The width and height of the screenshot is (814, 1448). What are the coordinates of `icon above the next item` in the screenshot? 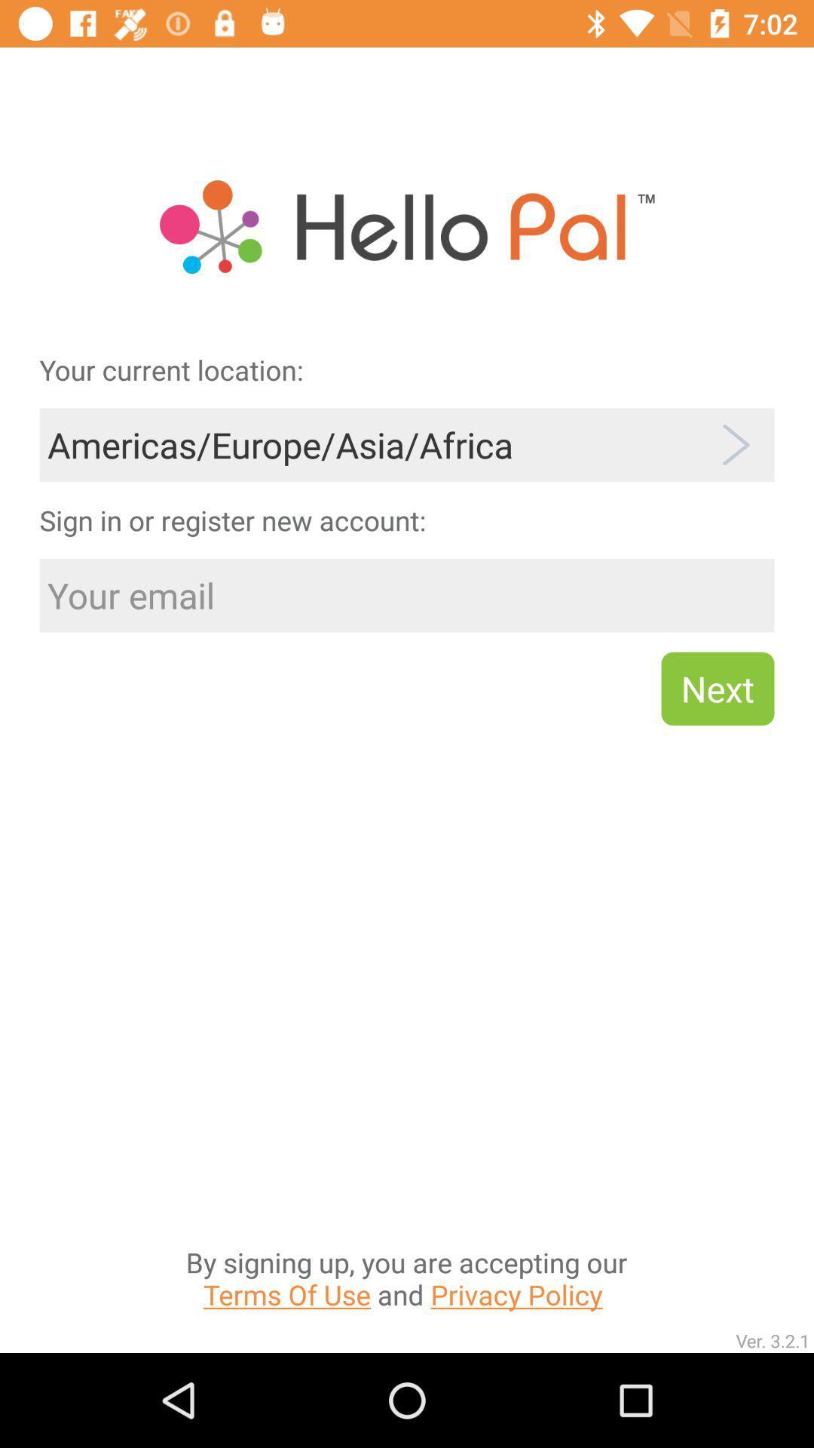 It's located at (407, 594).